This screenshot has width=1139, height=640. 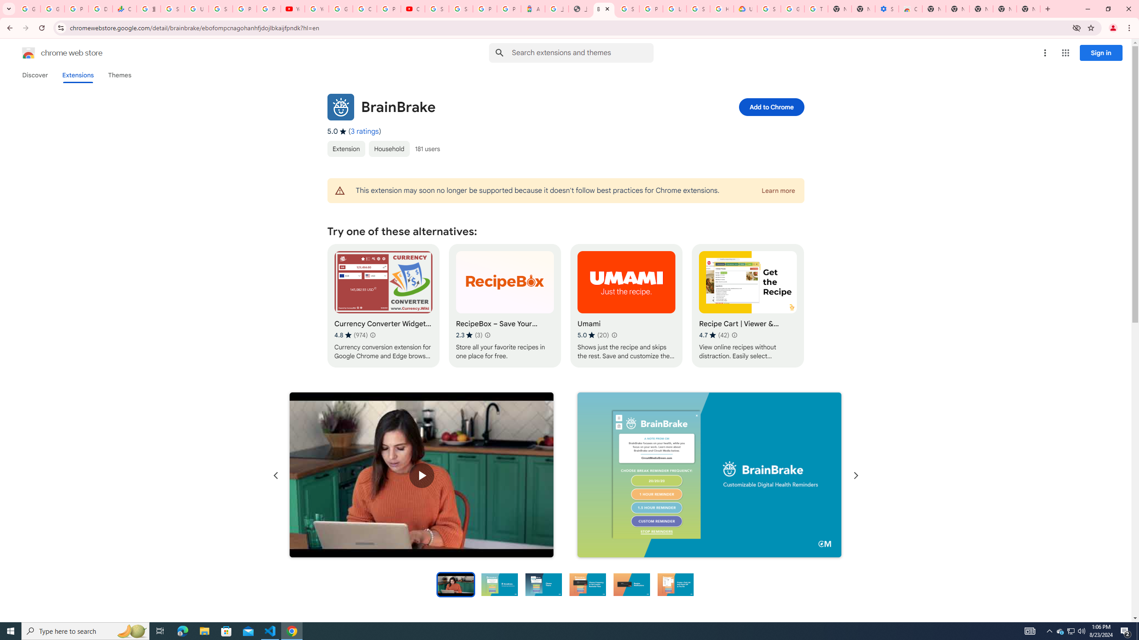 I want to click on 'Add to Chrome', so click(x=771, y=107).